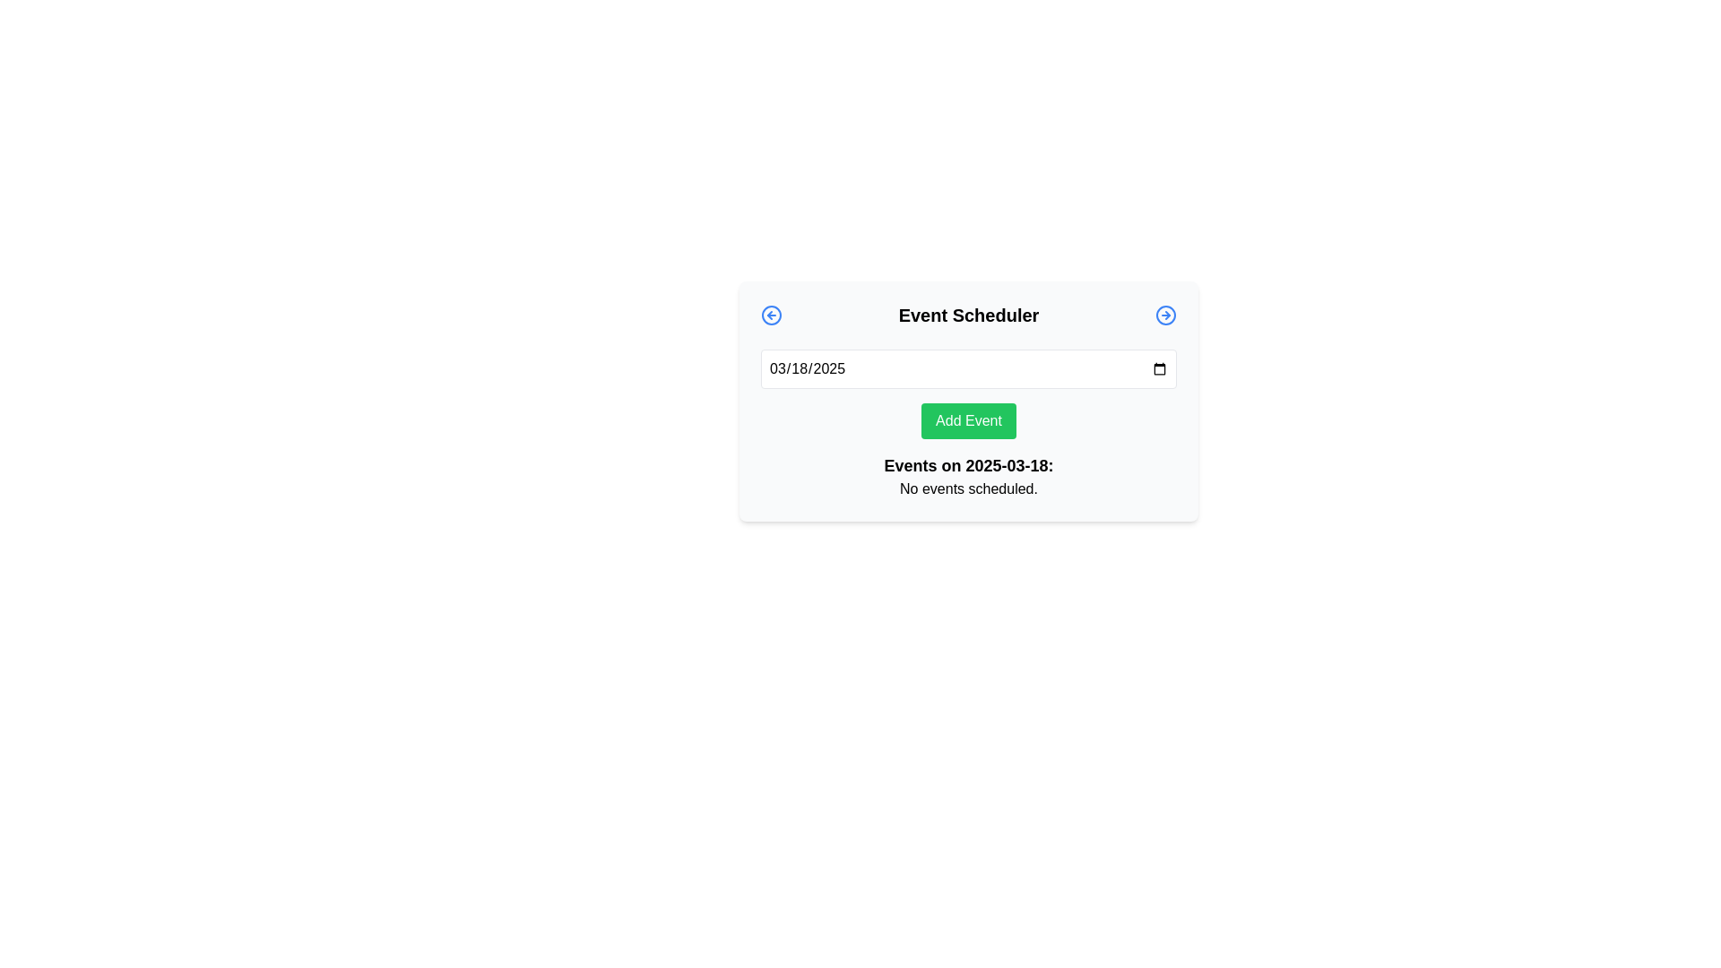  What do you see at coordinates (967, 489) in the screenshot?
I see `the static text that informs users there are no scheduled events for the selected date, located below the label 'Events on 2025-03-18:' in the event scheduler interface` at bounding box center [967, 489].